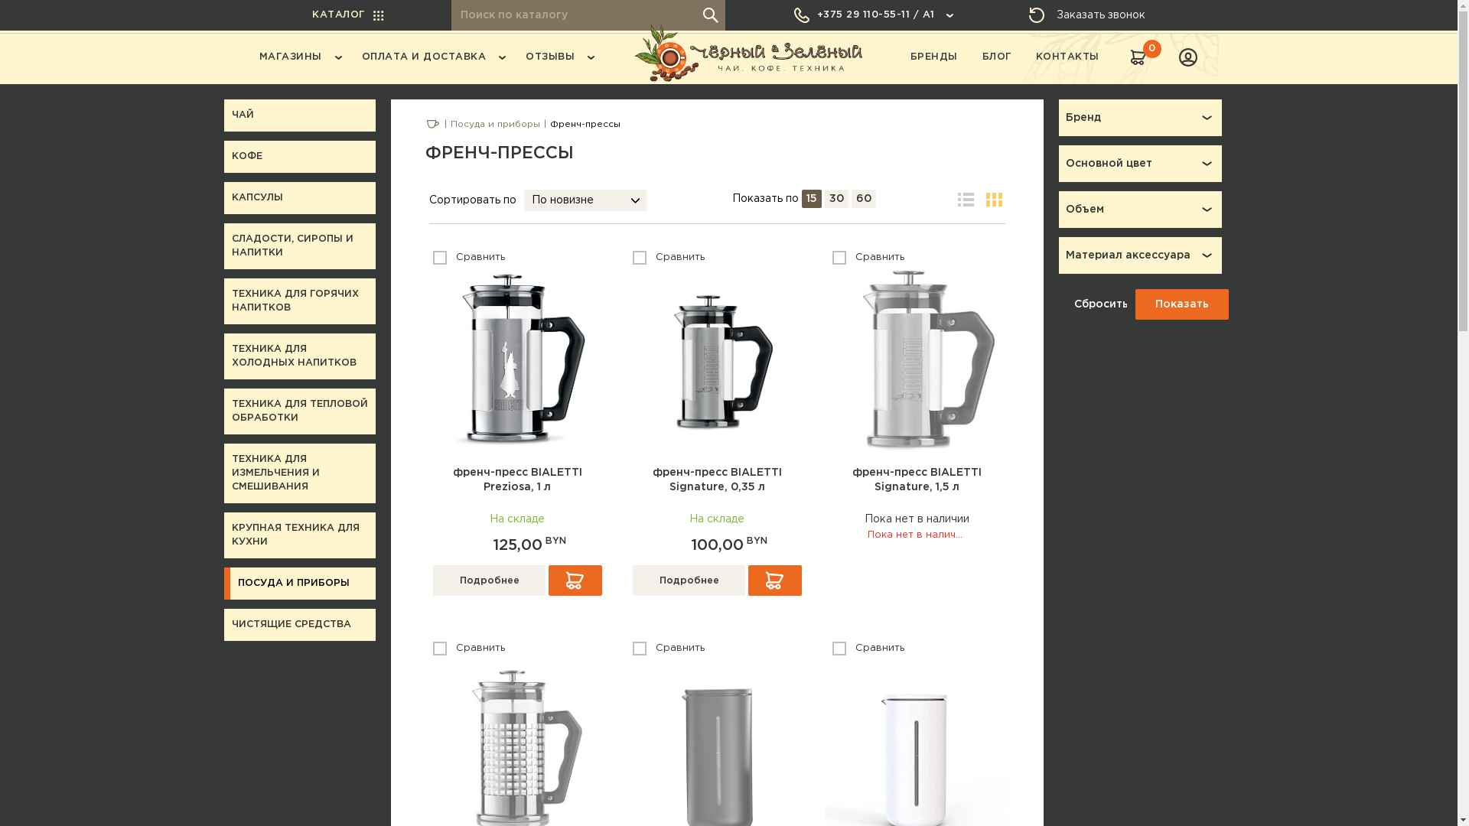 The height and width of the screenshot is (826, 1469). I want to click on 'BlackGreen.by', so click(747, 54).